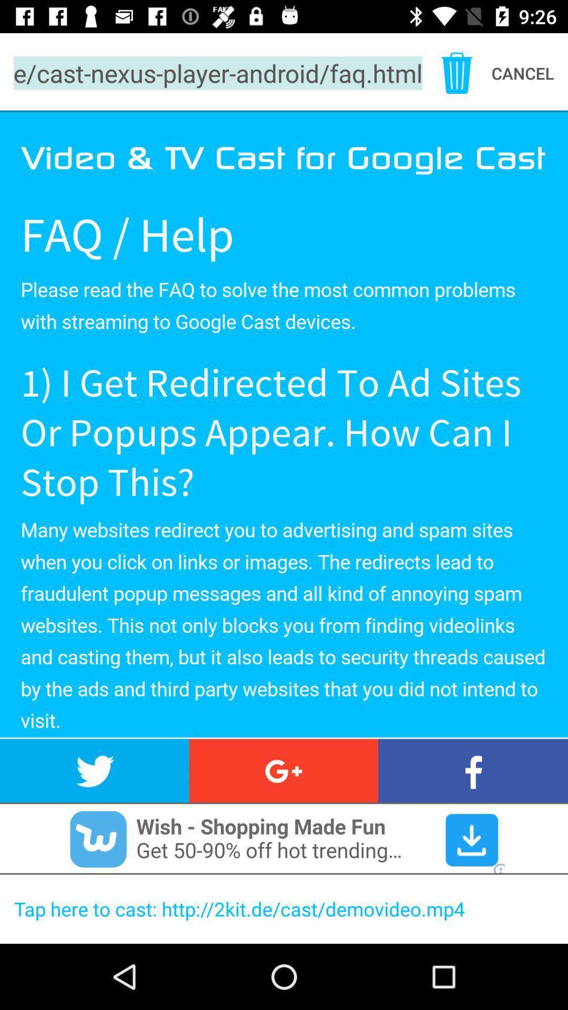 Image resolution: width=568 pixels, height=1010 pixels. Describe the element at coordinates (456, 73) in the screenshot. I see `the delete icon` at that location.